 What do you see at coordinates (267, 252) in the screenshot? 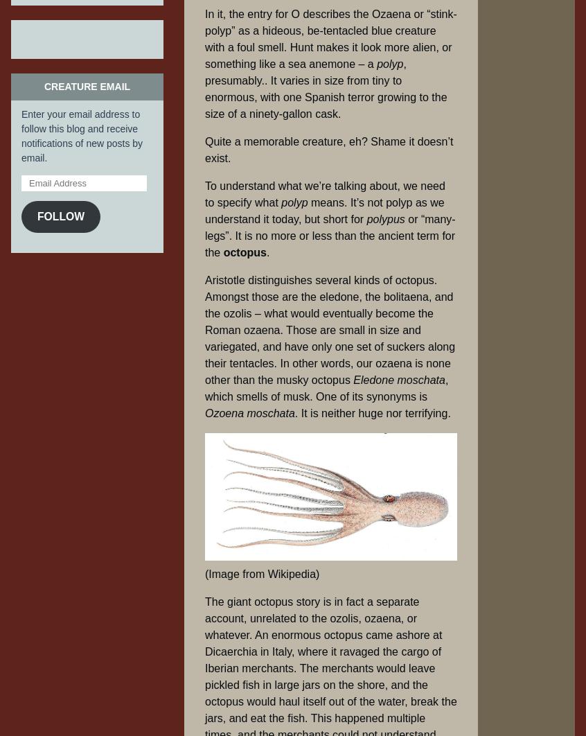
I see `'.'` at bounding box center [267, 252].